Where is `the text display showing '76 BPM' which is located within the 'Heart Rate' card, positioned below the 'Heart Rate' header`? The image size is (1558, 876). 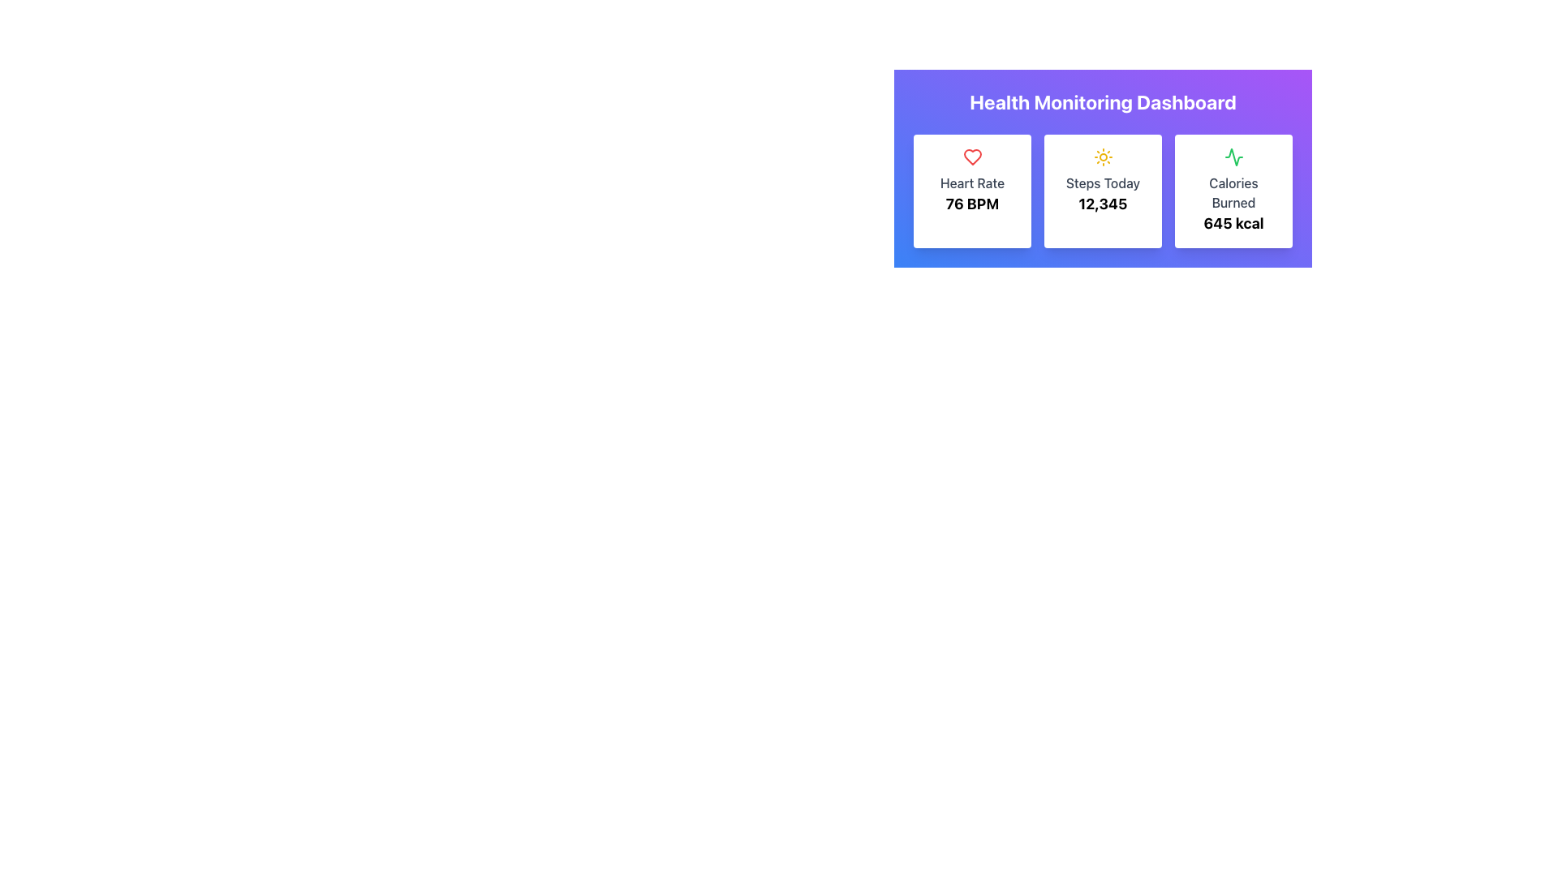
the text display showing '76 BPM' which is located within the 'Heart Rate' card, positioned below the 'Heart Rate' header is located at coordinates (972, 203).